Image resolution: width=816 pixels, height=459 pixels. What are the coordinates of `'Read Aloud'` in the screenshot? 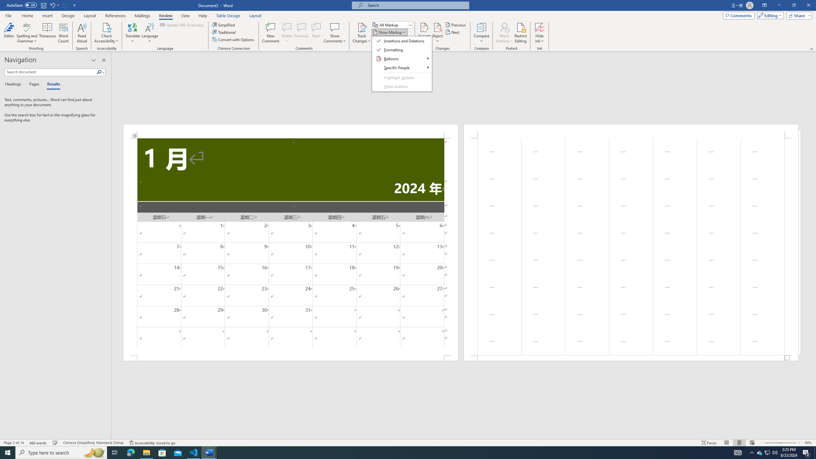 It's located at (82, 33).